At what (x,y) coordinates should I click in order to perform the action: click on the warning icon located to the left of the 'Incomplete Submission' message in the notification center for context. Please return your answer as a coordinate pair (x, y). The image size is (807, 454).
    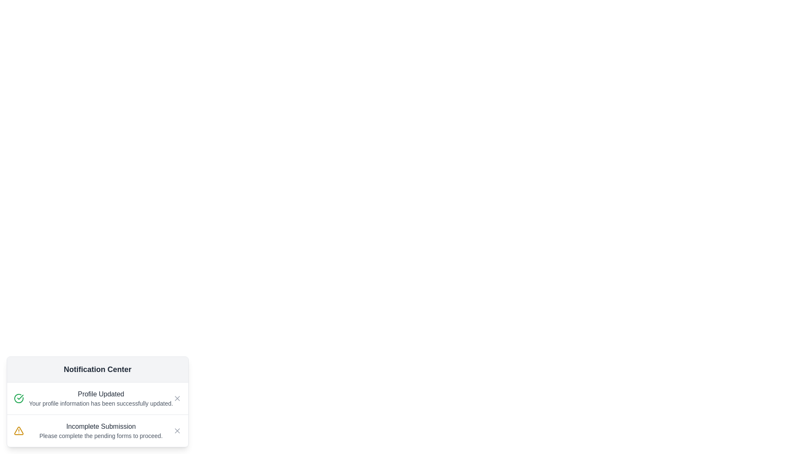
    Looking at the image, I should click on (18, 431).